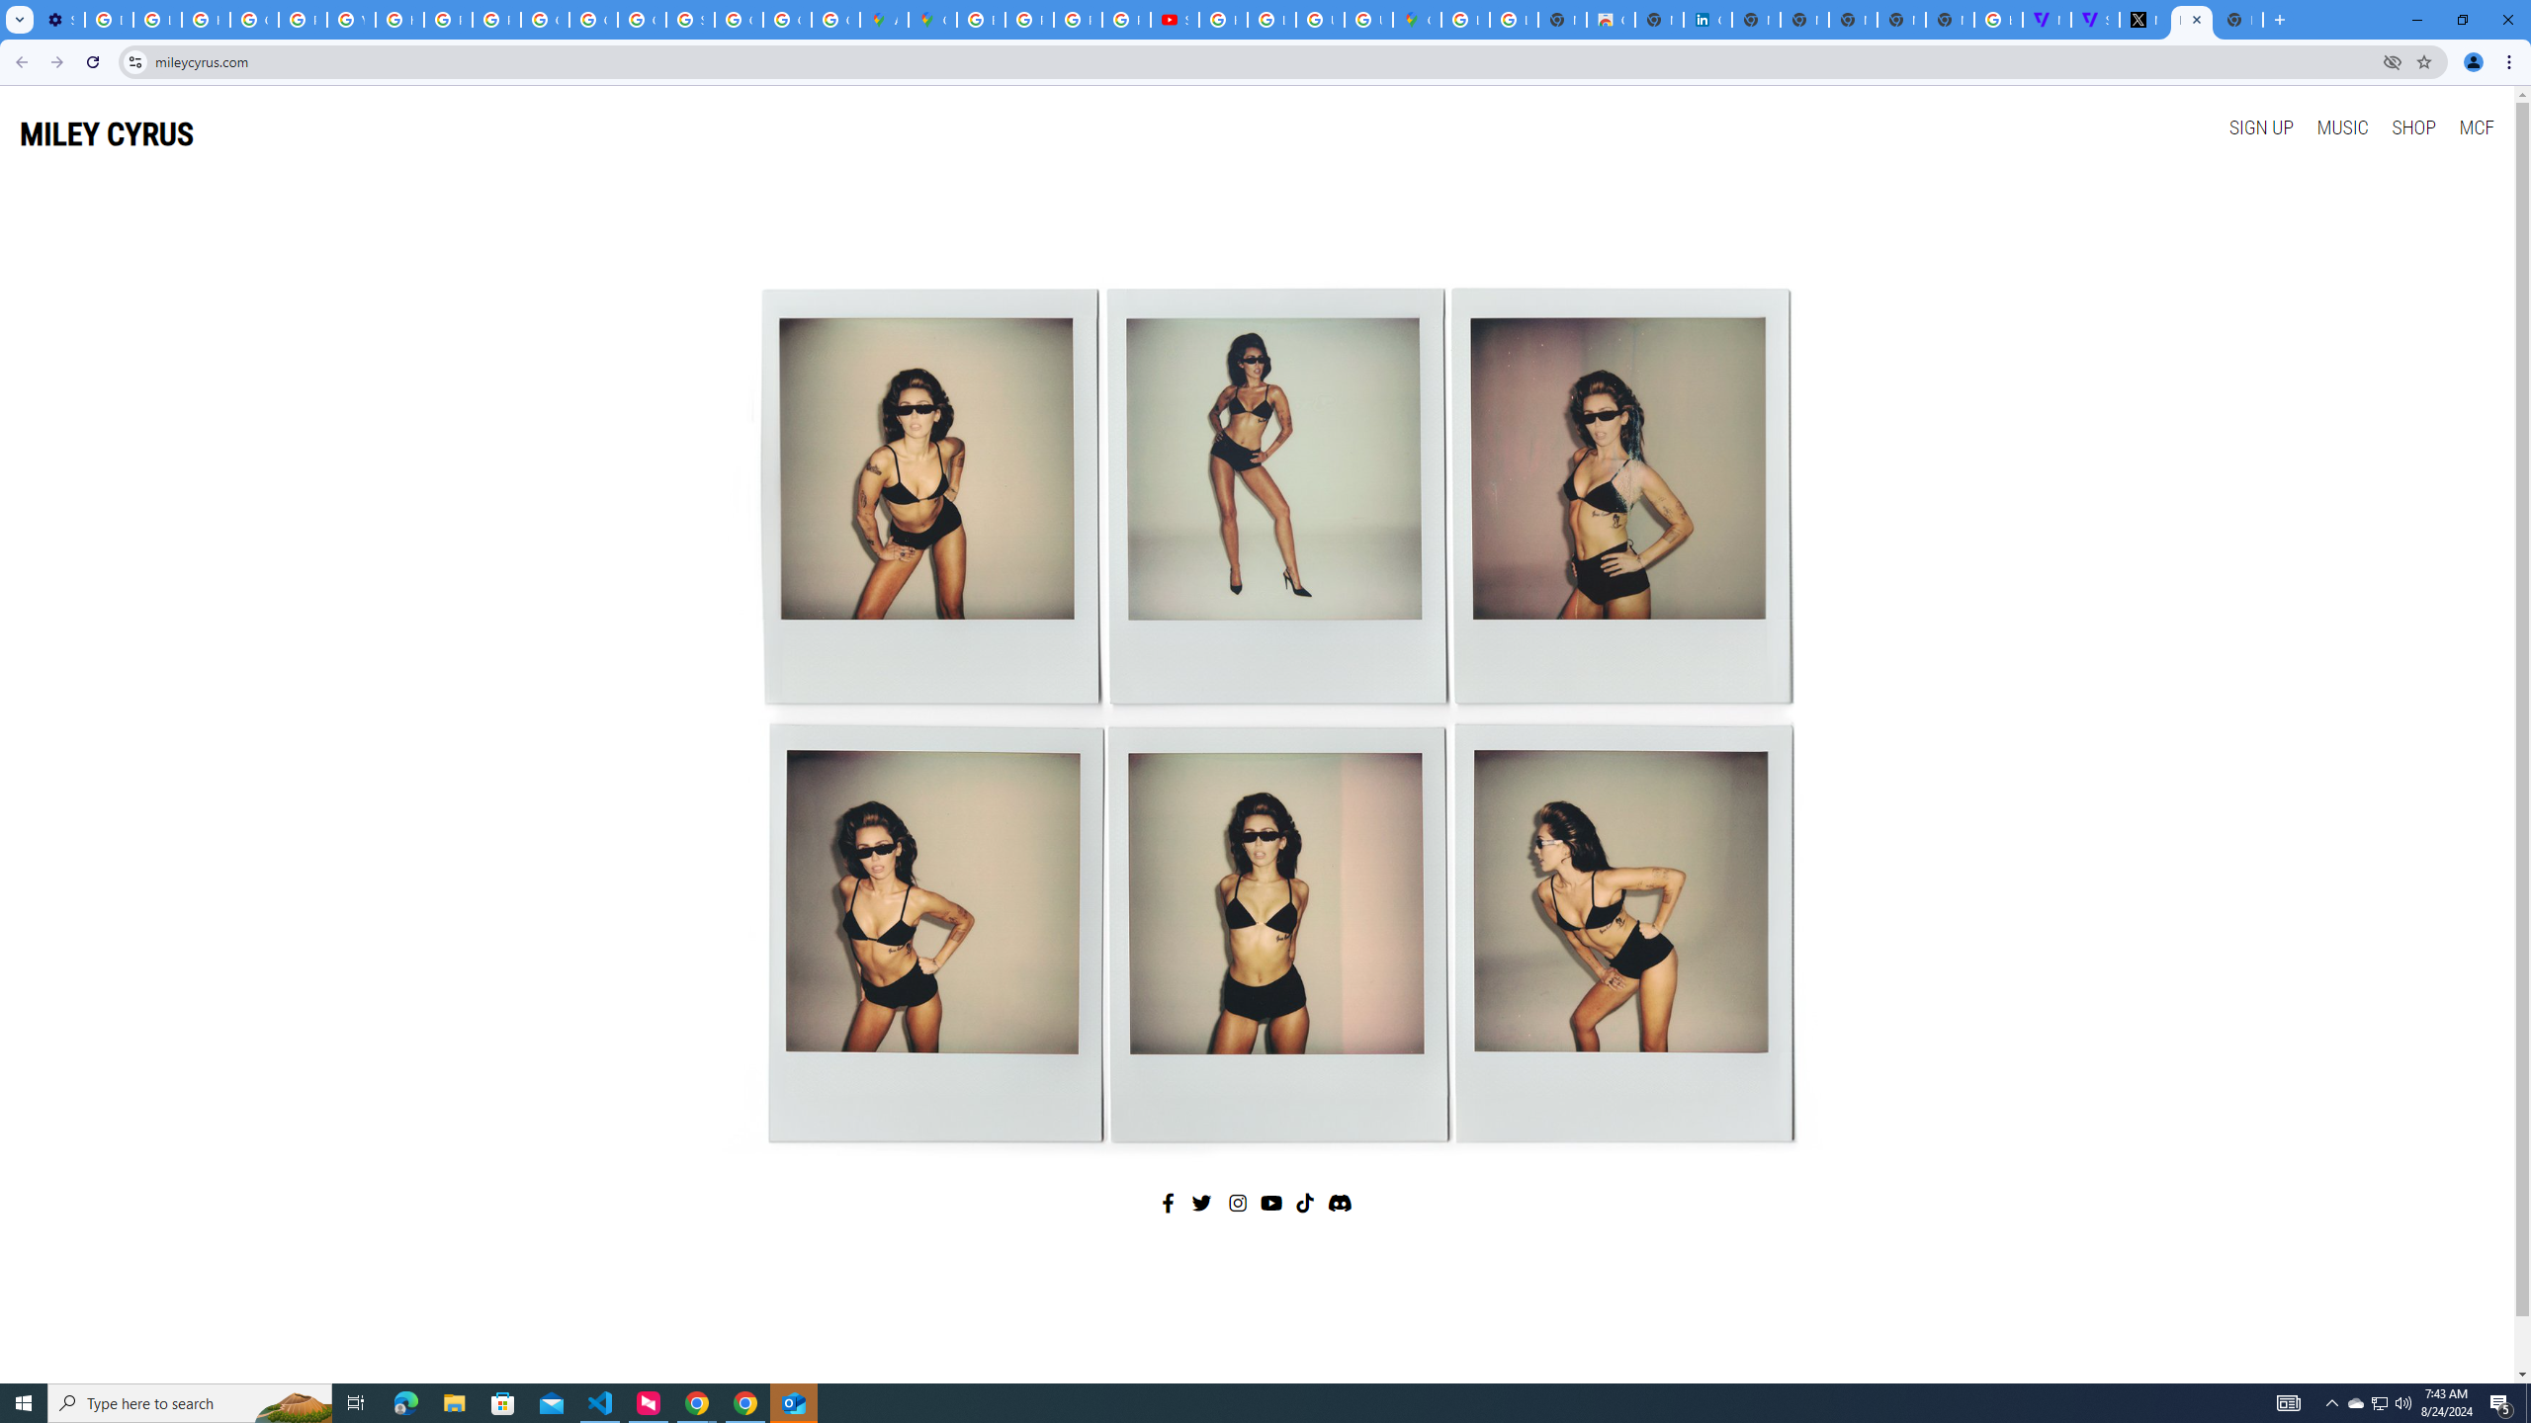 Image resolution: width=2531 pixels, height=1423 pixels. Describe the element at coordinates (981, 19) in the screenshot. I see `'Blogger Policies and Guidelines - Transparency Center'` at that location.